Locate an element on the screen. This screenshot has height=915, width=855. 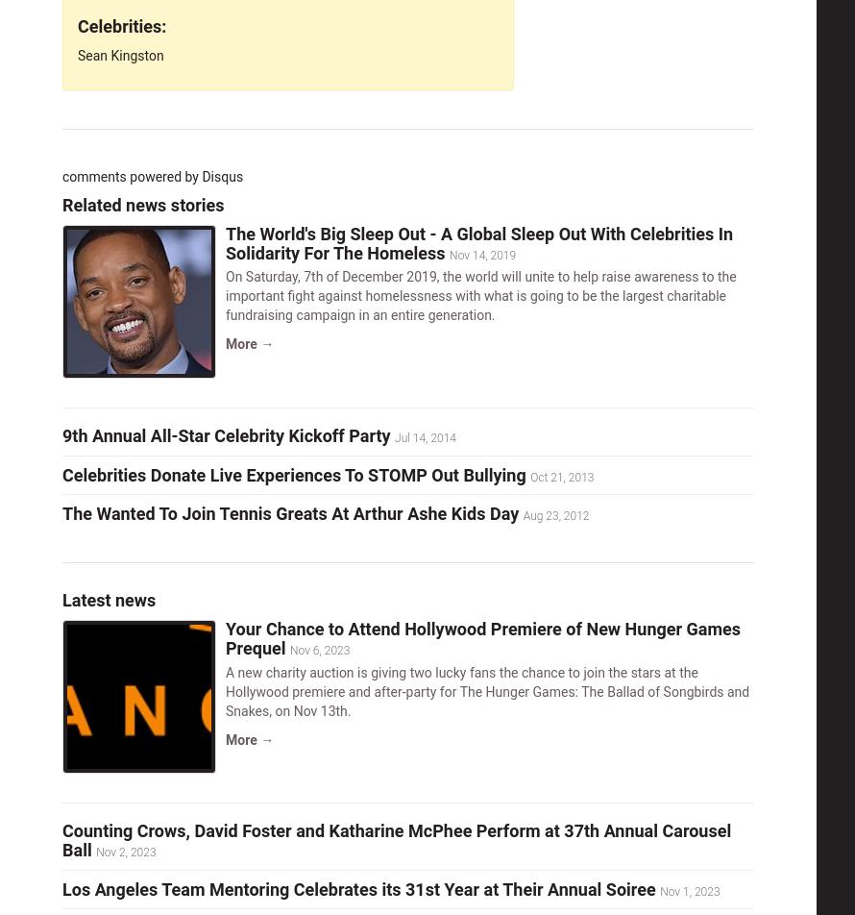
'Oct 21, 2013' is located at coordinates (528, 476).